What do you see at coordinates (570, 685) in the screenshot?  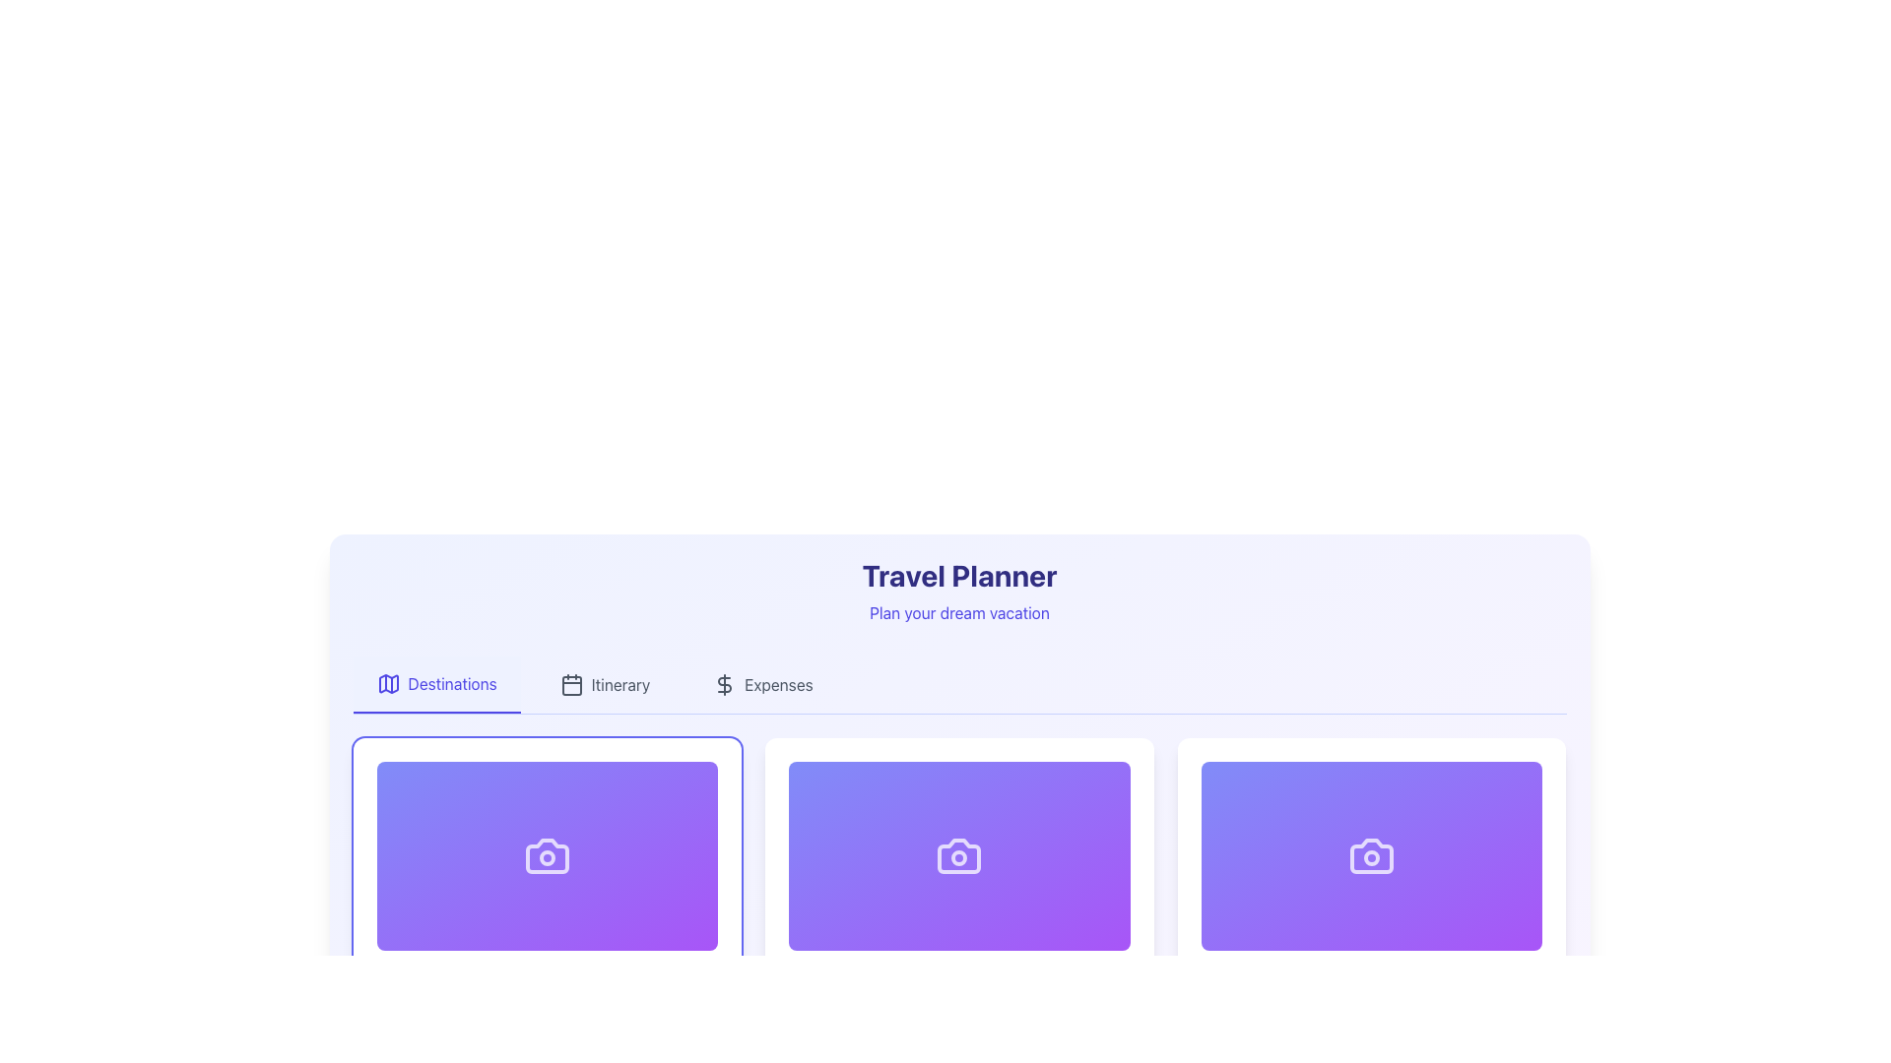 I see `the rectangular component within the calendar icon` at bounding box center [570, 685].